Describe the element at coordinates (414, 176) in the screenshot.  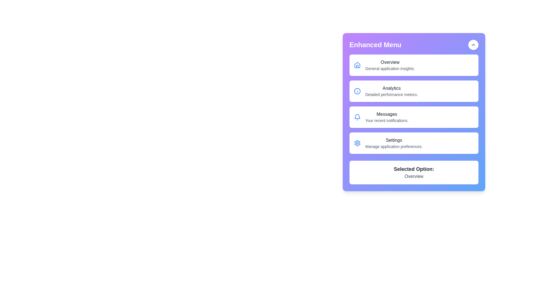
I see `the 'Overview' text label, which is styled in gray and located below the 'Selected Option:' label in the highlighted menu` at that location.